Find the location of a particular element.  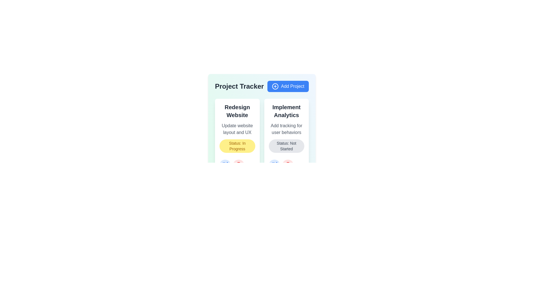

edit button for the project titled 'Implement Analytics' is located at coordinates (274, 165).